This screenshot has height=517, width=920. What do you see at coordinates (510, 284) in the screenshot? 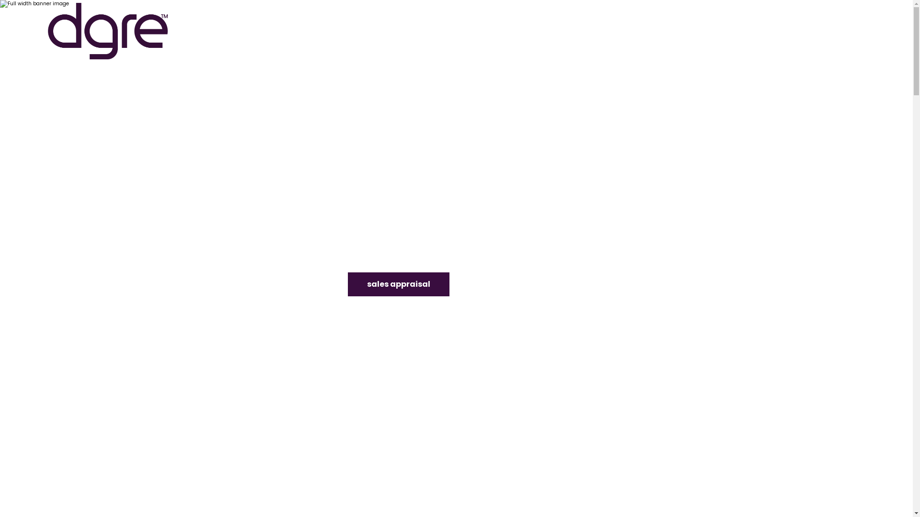
I see `'rental appraisal'` at bounding box center [510, 284].